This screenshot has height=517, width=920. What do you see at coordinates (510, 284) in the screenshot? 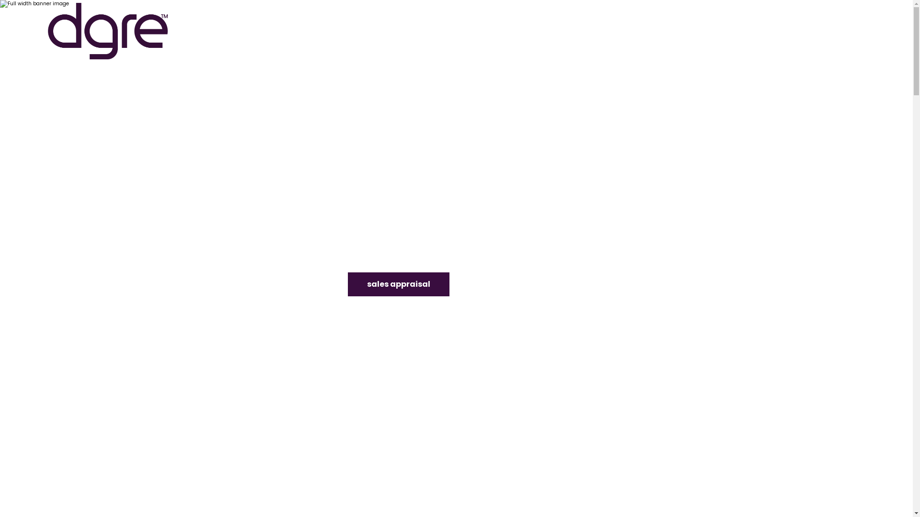
I see `'rental appraisal'` at bounding box center [510, 284].